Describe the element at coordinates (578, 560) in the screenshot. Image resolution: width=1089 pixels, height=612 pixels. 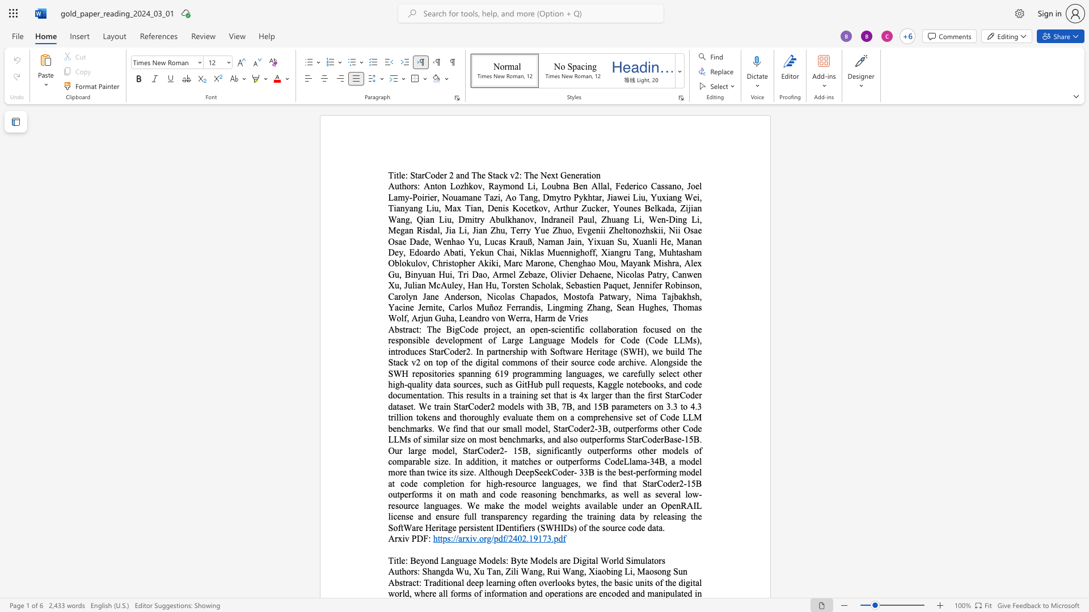
I see `the space between the continuous character "D" and "i" in the text` at that location.